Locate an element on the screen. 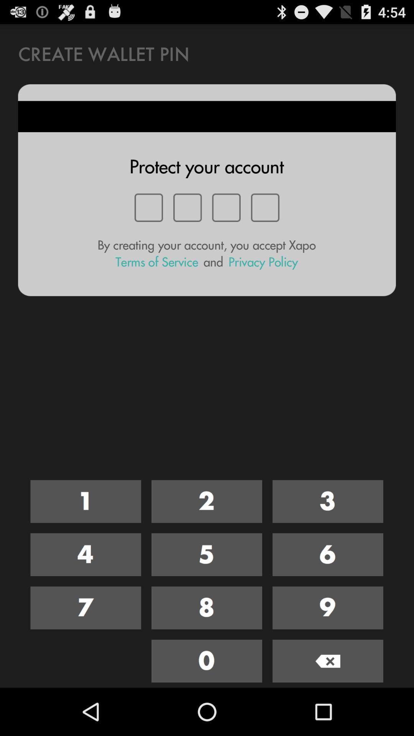 This screenshot has width=414, height=736. the number 5 button is located at coordinates (206, 555).